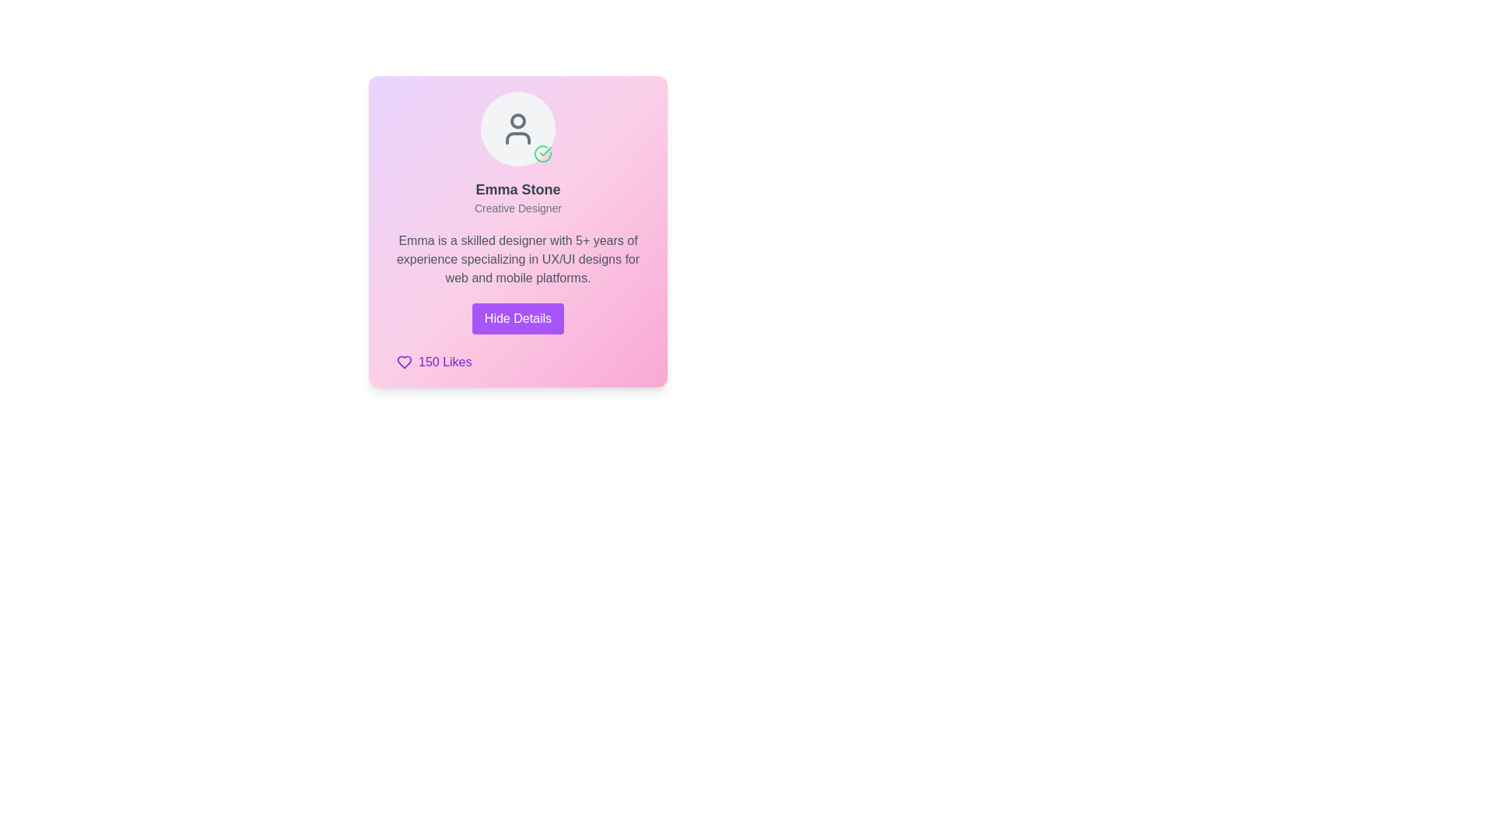  Describe the element at coordinates (518, 120) in the screenshot. I see `the decorative icon component that represents an avatar, located at the top portion of the circular boundary` at that location.